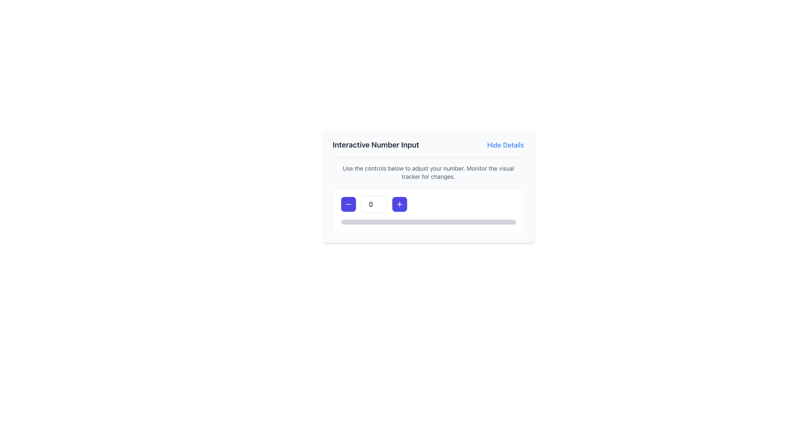 The height and width of the screenshot is (445, 792). I want to click on the deep indigo square-shaped button with rounded corners and a white plus symbol, located to the right of a numeric input field in the 'Interactive Number Input' section, to observe any visual feedback, so click(399, 204).